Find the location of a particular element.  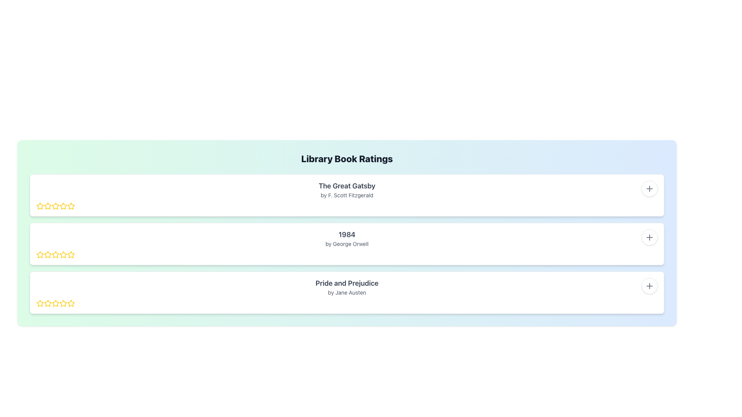

the fifth star icon in the rating row is located at coordinates (71, 303).